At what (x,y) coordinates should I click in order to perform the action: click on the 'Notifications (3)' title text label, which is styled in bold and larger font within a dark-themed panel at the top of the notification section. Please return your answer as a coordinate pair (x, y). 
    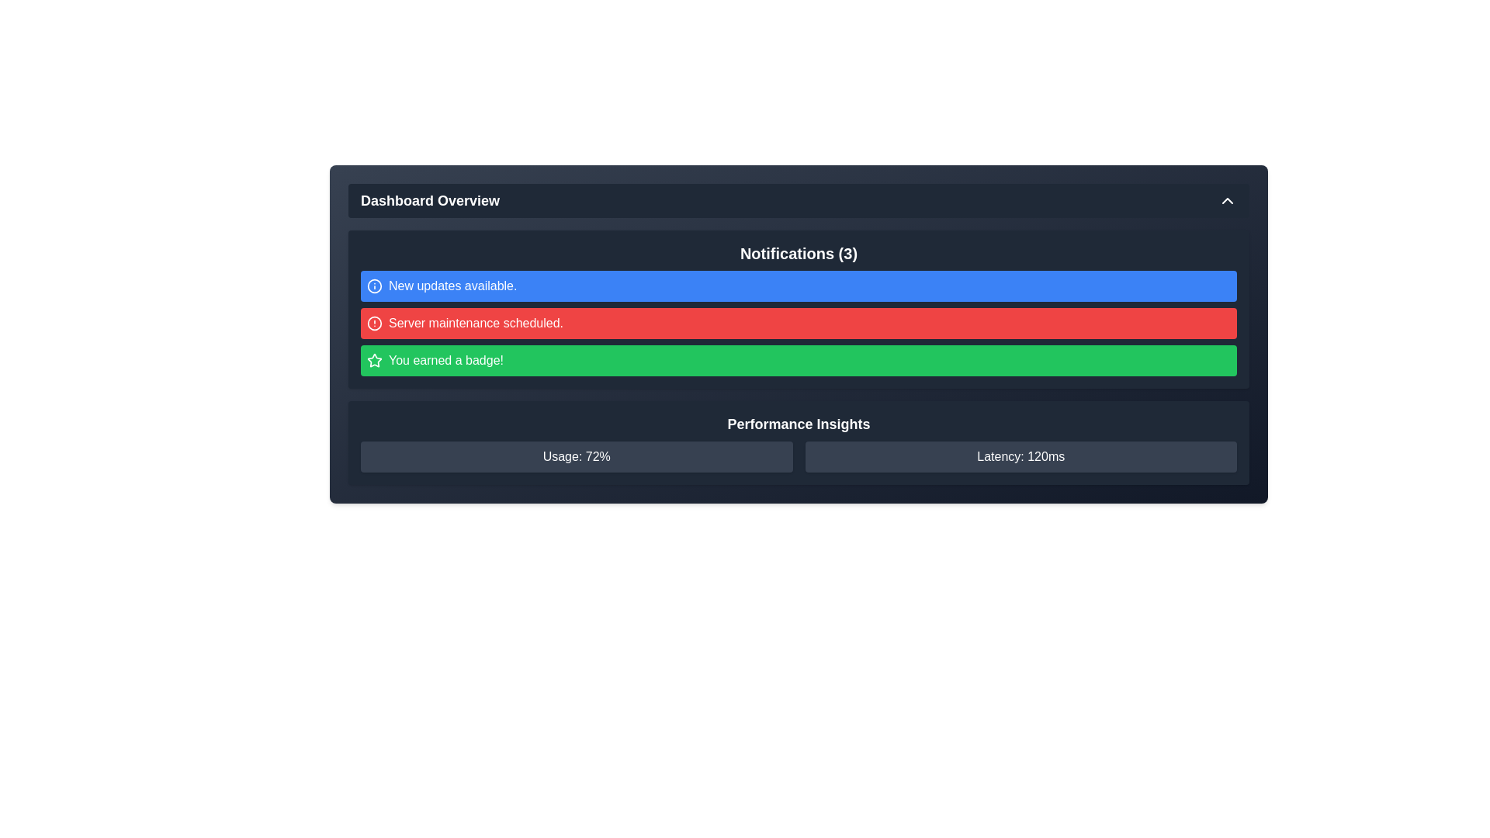
    Looking at the image, I should click on (799, 253).